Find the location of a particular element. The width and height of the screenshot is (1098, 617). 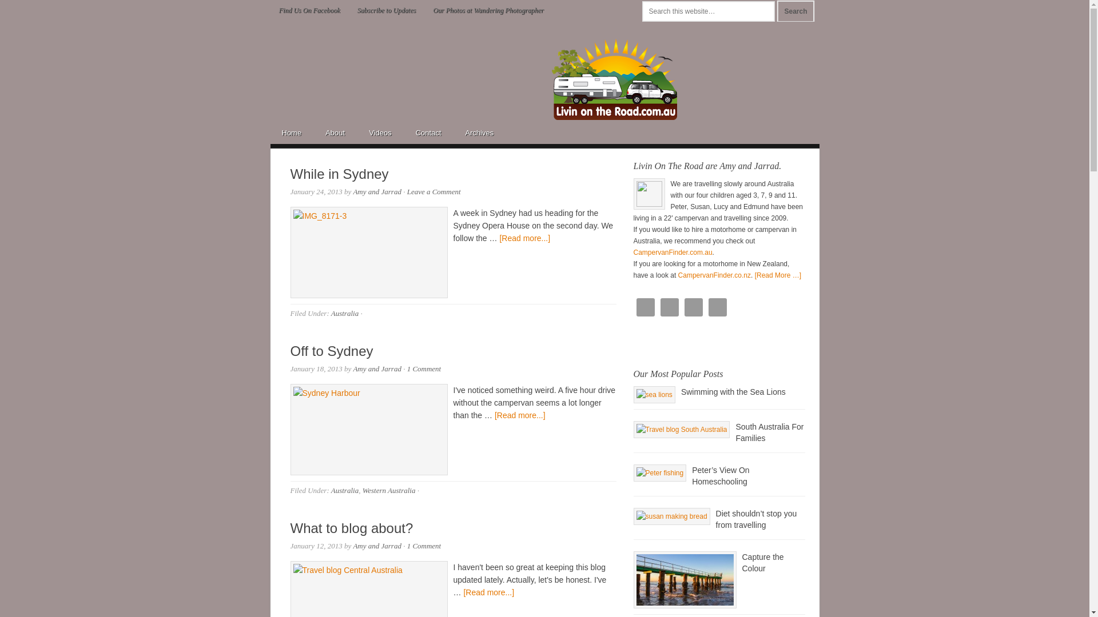

'While in Sydney' is located at coordinates (339, 174).